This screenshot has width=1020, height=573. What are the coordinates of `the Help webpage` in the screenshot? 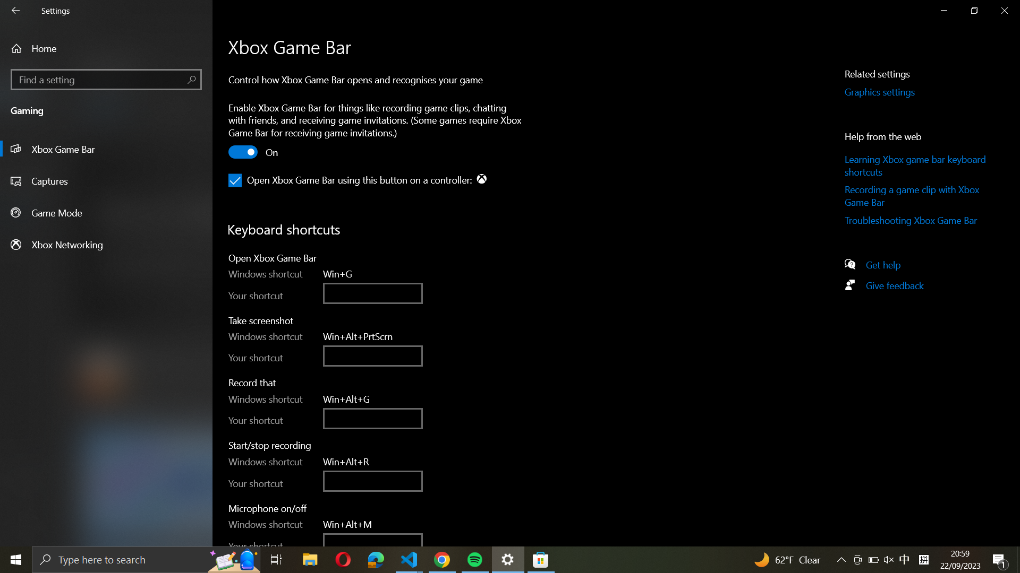 It's located at (888, 263).